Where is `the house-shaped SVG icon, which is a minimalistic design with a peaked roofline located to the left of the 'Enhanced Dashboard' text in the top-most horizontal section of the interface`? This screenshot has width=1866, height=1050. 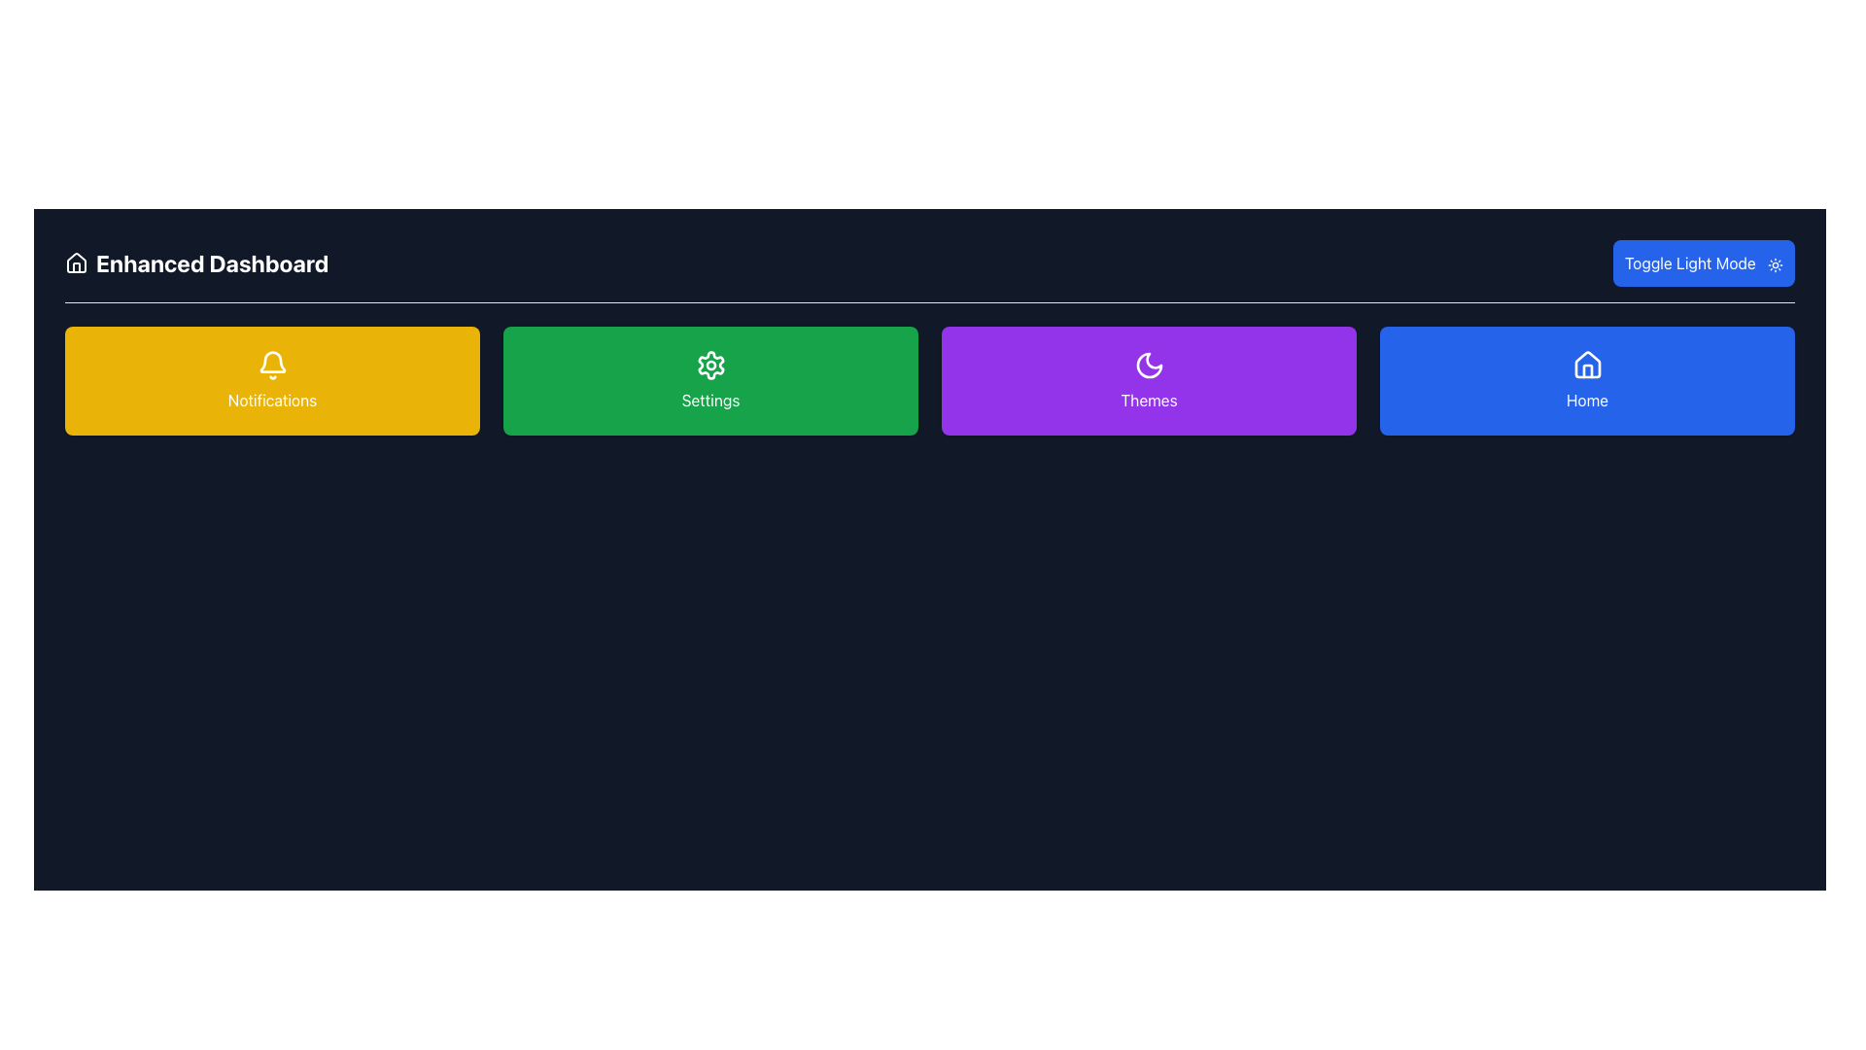
the house-shaped SVG icon, which is a minimalistic design with a peaked roofline located to the left of the 'Enhanced Dashboard' text in the top-most horizontal section of the interface is located at coordinates (76, 262).